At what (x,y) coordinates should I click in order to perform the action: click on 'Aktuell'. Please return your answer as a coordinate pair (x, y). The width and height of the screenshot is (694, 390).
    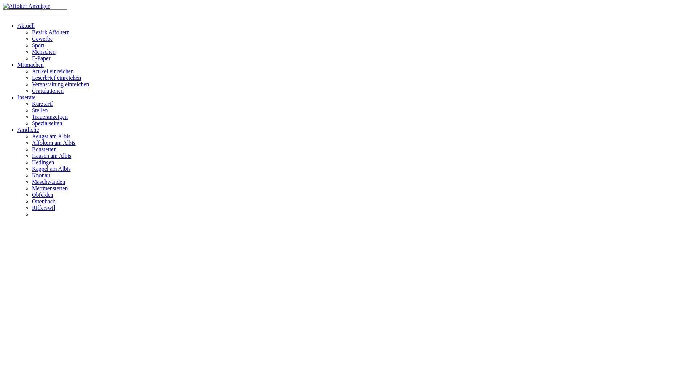
    Looking at the image, I should click on (26, 25).